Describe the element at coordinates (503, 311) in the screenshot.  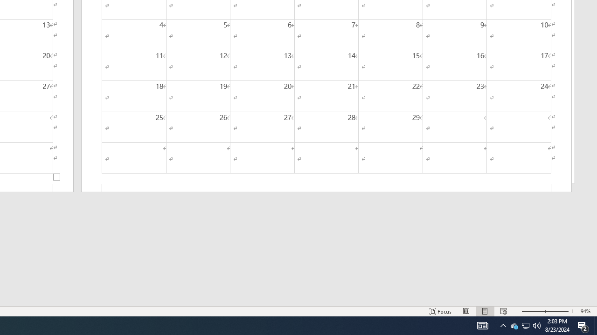
I see `'Web Layout'` at that location.